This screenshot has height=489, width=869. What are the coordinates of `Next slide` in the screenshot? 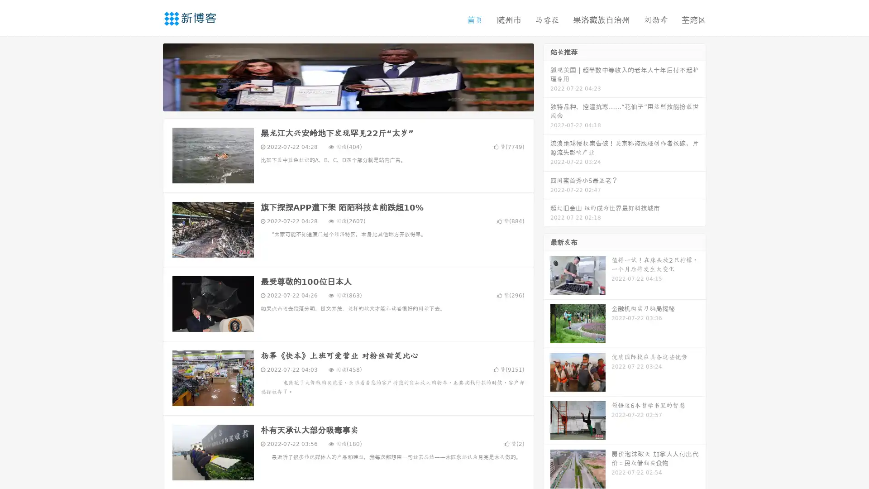 It's located at (547, 76).